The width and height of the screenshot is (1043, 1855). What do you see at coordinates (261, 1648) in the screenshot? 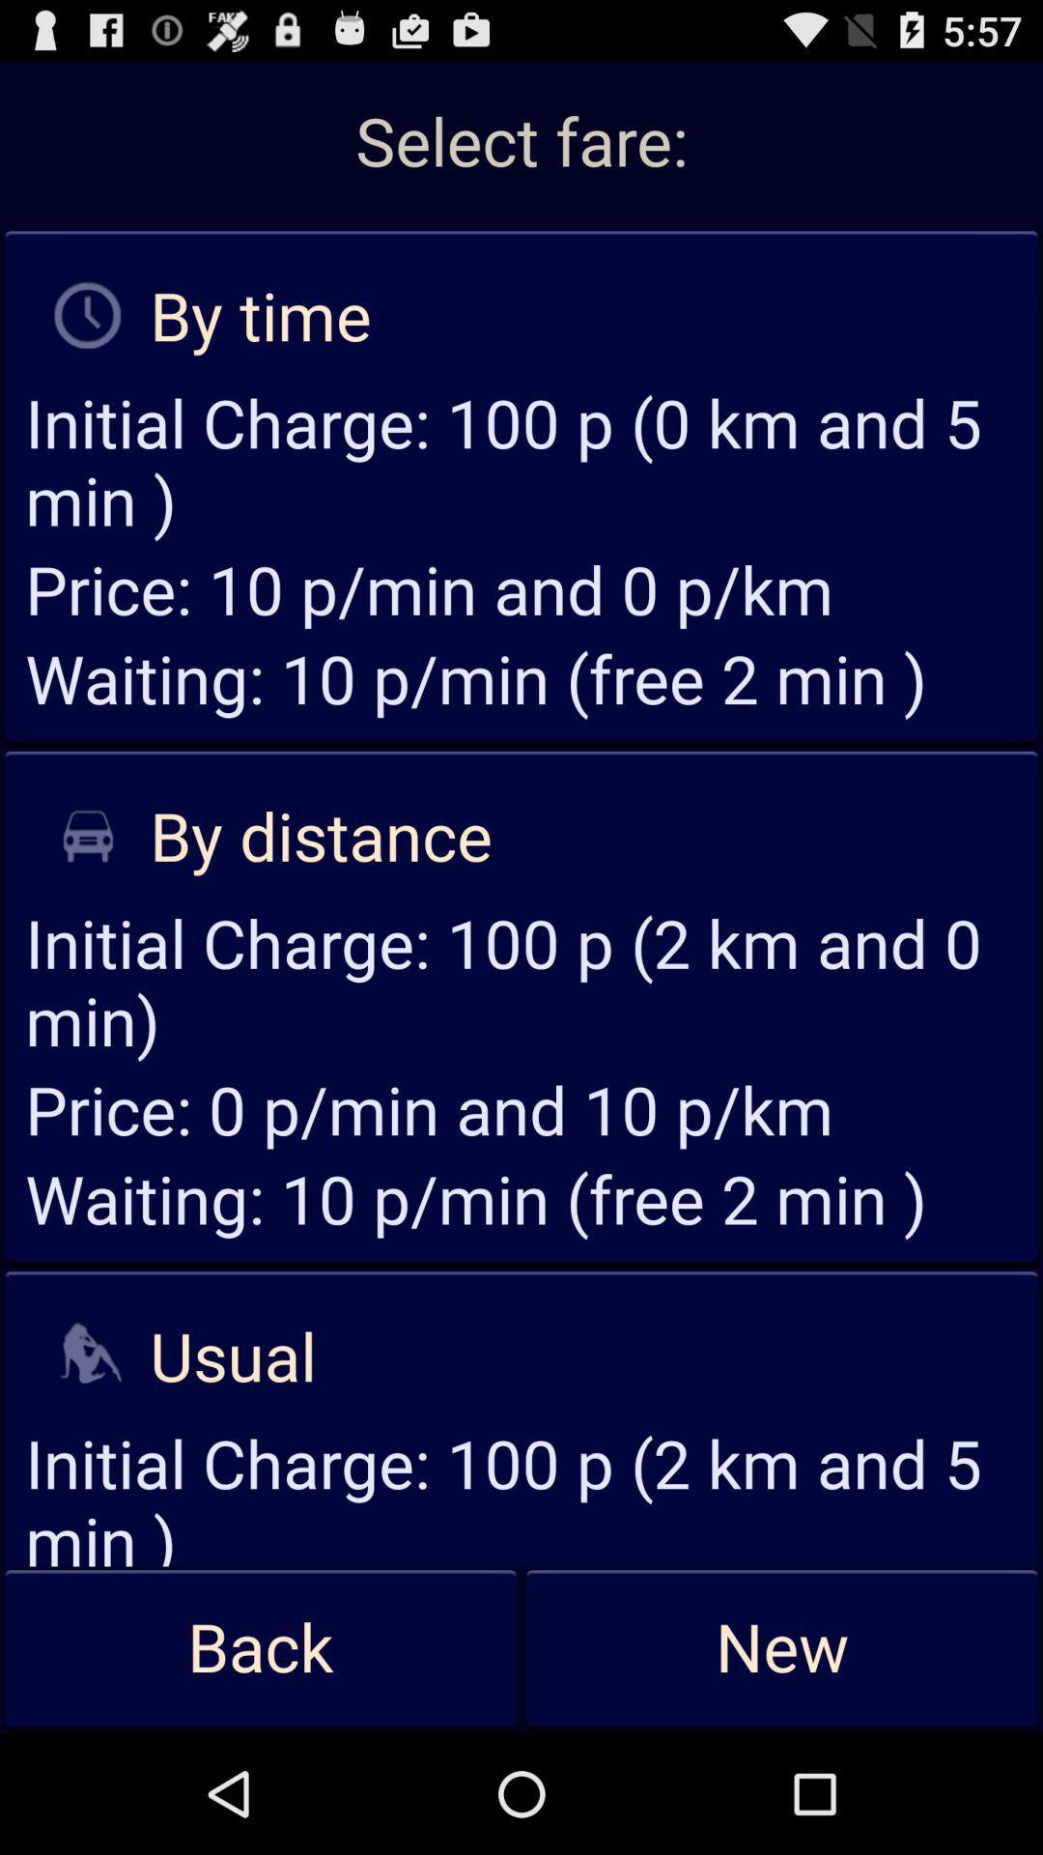
I see `the app below the initial charge 100` at bounding box center [261, 1648].